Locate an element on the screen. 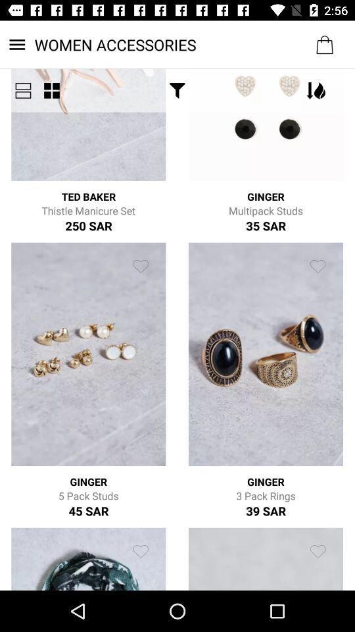 Image resolution: width=355 pixels, height=632 pixels. the top left button in first image is located at coordinates (23, 90).